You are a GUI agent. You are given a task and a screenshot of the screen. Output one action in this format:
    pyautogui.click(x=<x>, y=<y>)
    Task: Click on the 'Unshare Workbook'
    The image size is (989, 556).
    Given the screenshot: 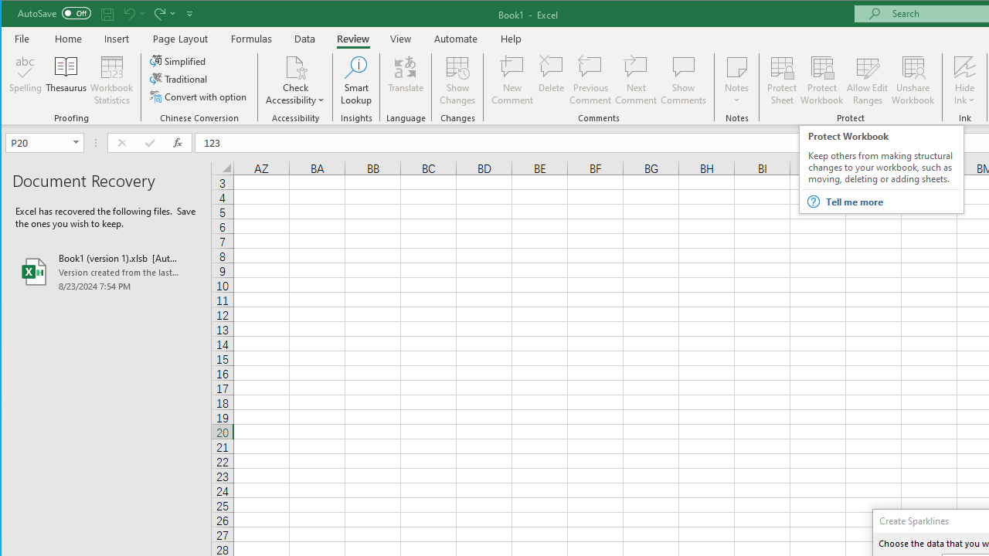 What is the action you would take?
    pyautogui.click(x=913, y=80)
    